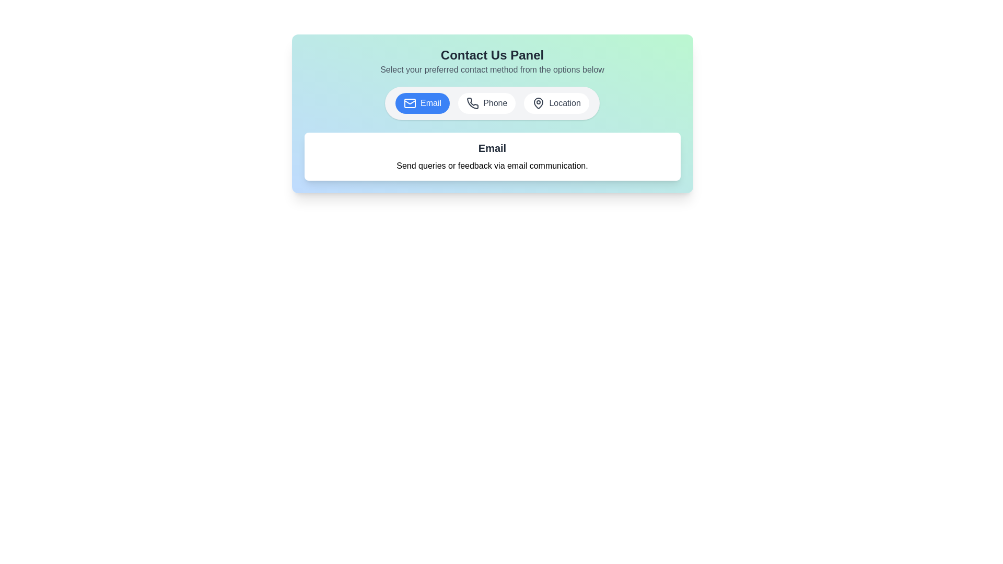  I want to click on the envelope icon within the 'Email' button, which is part of a circular button labeled 'Email', located in the center of a row of buttons above the 'Email' section heading, so click(410, 102).